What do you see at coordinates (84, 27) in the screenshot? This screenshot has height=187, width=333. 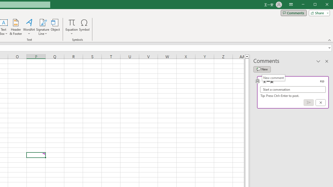 I see `'Symbol...'` at bounding box center [84, 27].